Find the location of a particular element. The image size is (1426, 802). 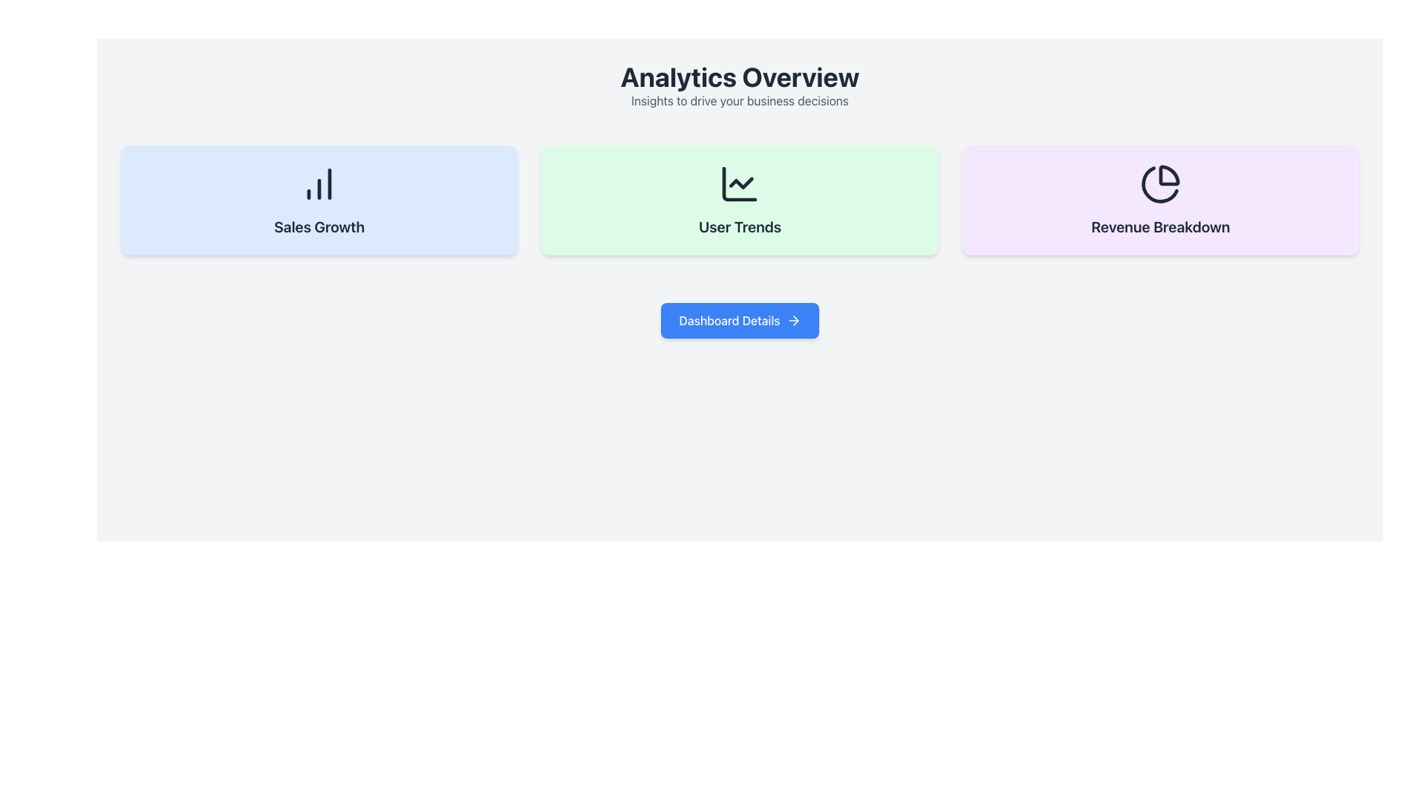

the text label that reads 'Insights to drive your business decisions', which is styled in gray and positioned centrally below the 'Analytics Overview' heading is located at coordinates (740, 100).